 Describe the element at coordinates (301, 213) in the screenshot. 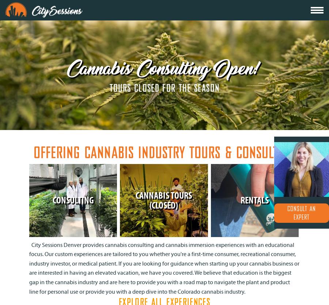

I see `'CONSULT AN EXPERT'` at that location.